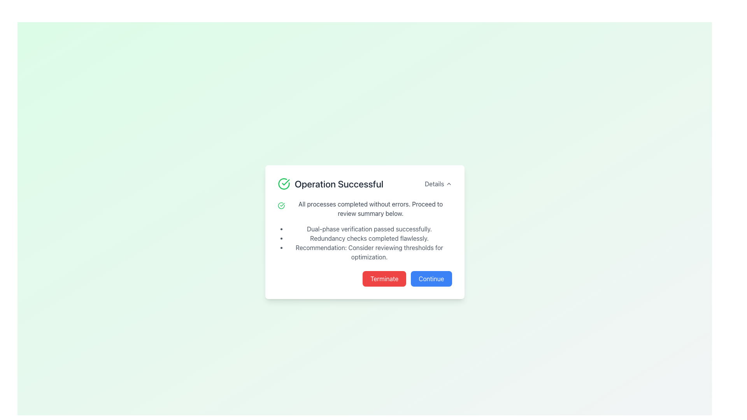 The width and height of the screenshot is (747, 420). What do you see at coordinates (434, 184) in the screenshot?
I see `the text label reading 'Details' located at the top-right corner of the notification card under the title 'Operation Successful' to read its content` at bounding box center [434, 184].